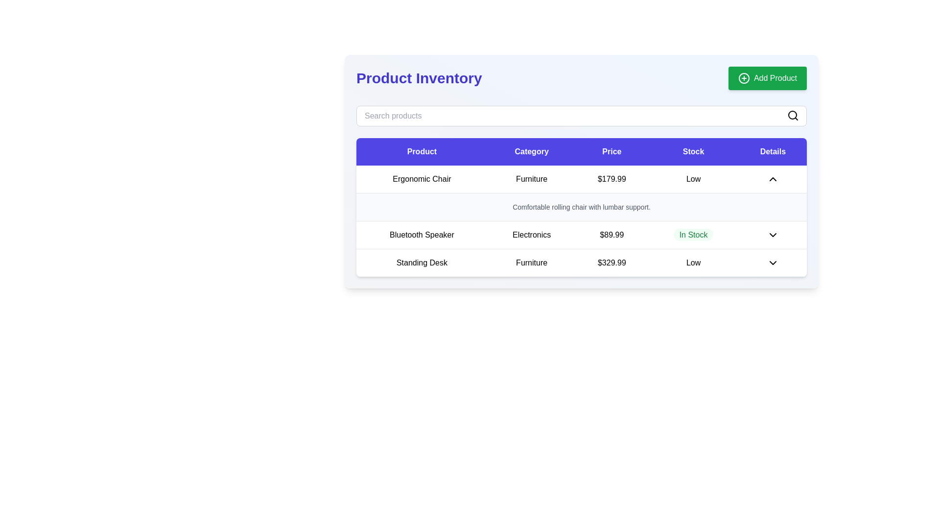  I want to click on the 'Furniture' text label in the product inventory table, located in the third row under the 'Category' column, so click(531, 262).